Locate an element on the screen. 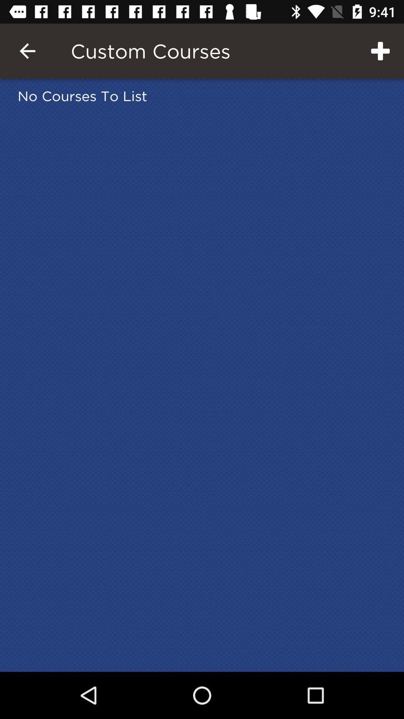 The image size is (404, 719). icon above the no courses to item is located at coordinates (380, 51).